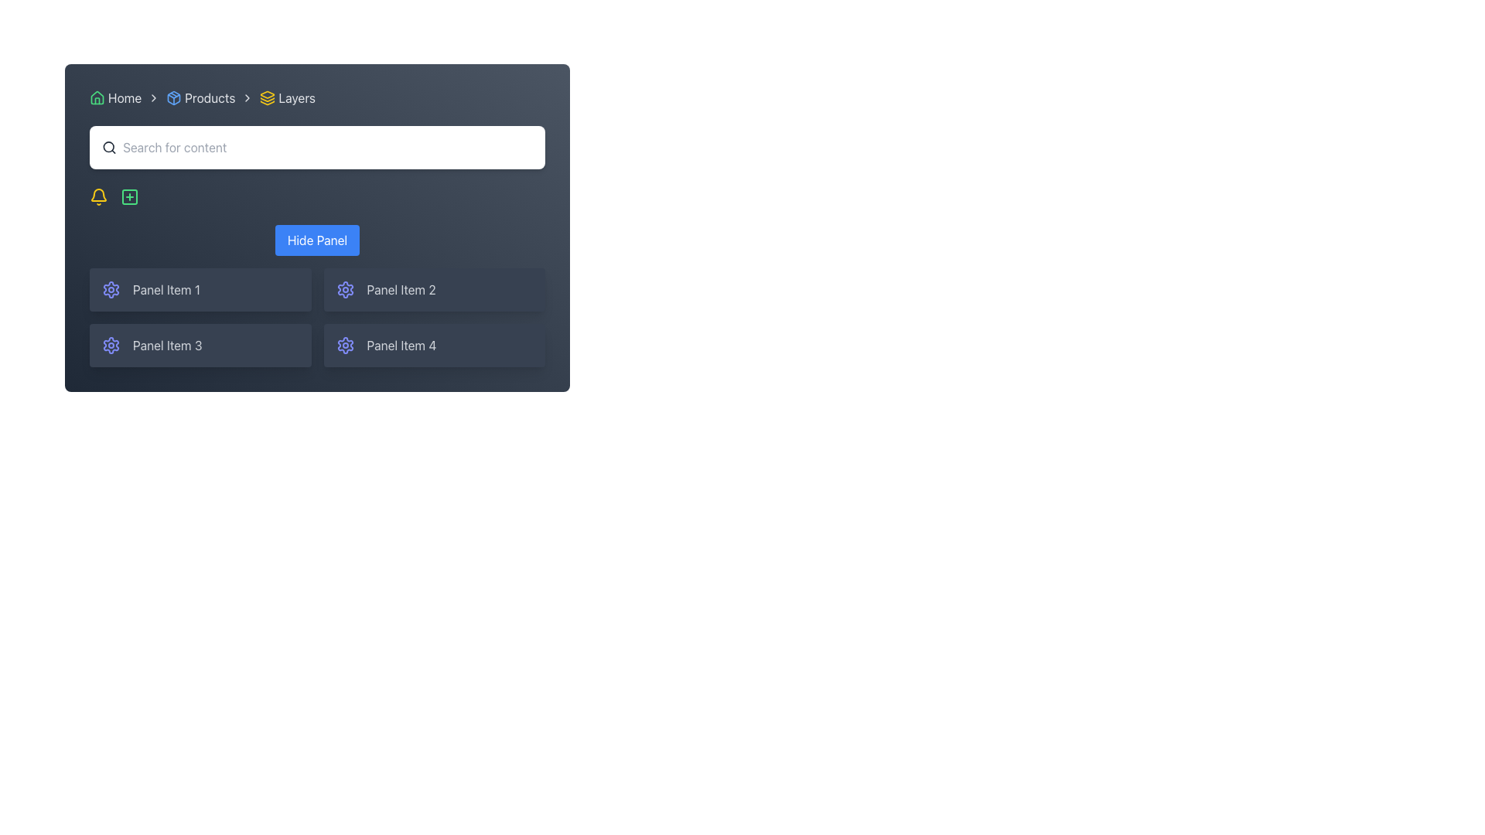 The image size is (1485, 835). Describe the element at coordinates (344, 345) in the screenshot. I see `the gear icon with a blue outline located in the top-left corner of the box labeled 'Panel Item 4'` at that location.